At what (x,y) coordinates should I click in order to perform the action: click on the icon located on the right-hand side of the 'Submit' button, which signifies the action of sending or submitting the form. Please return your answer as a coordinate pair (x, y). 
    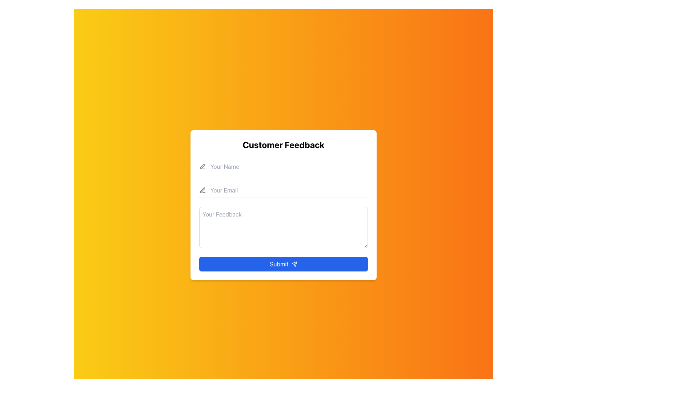
    Looking at the image, I should click on (294, 264).